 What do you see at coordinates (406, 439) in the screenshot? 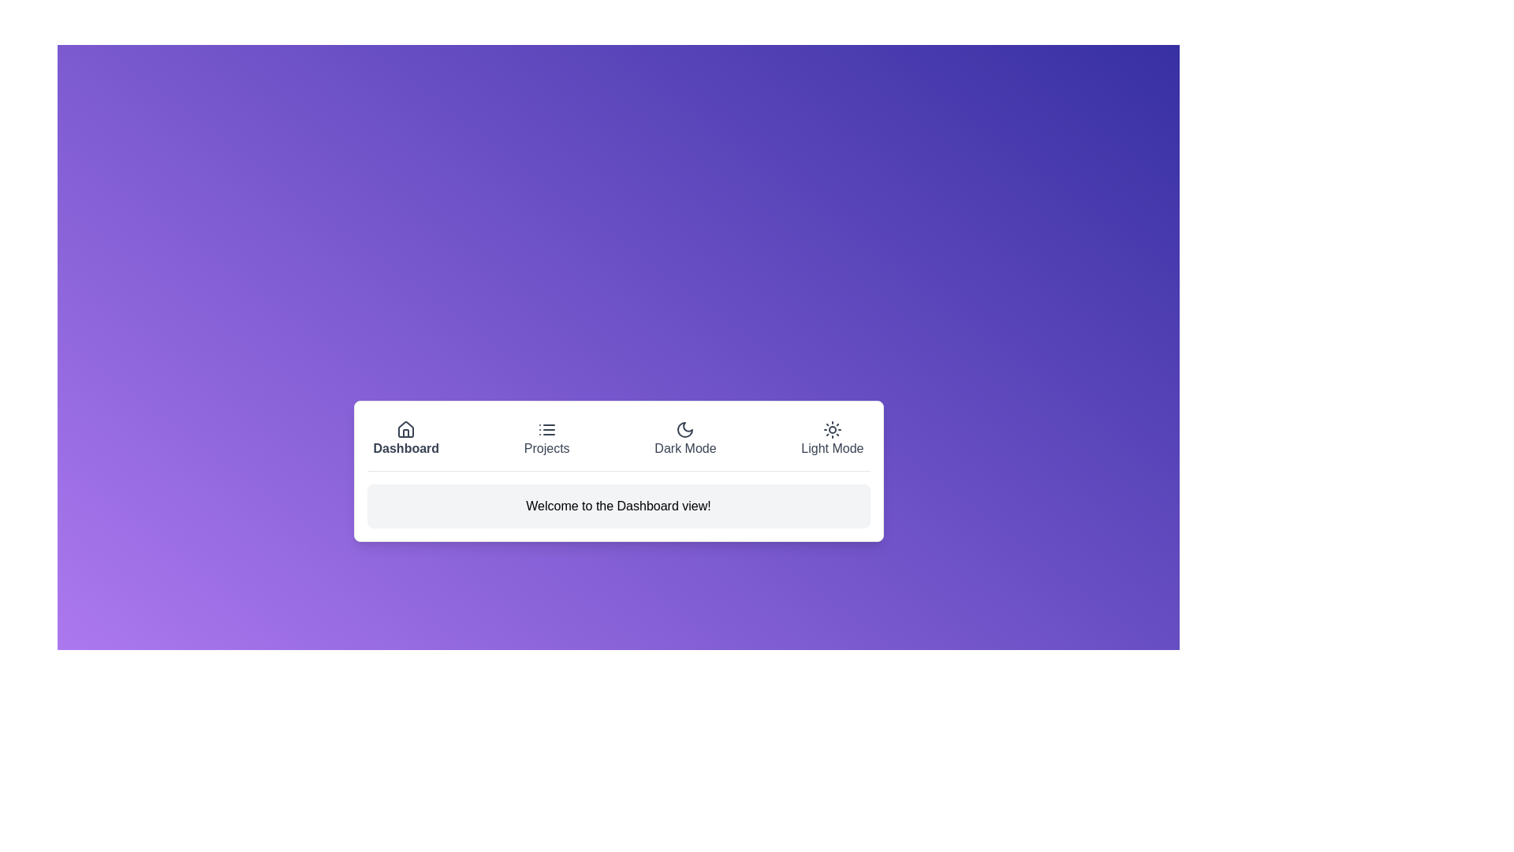
I see `the button labeled Dashboard` at bounding box center [406, 439].